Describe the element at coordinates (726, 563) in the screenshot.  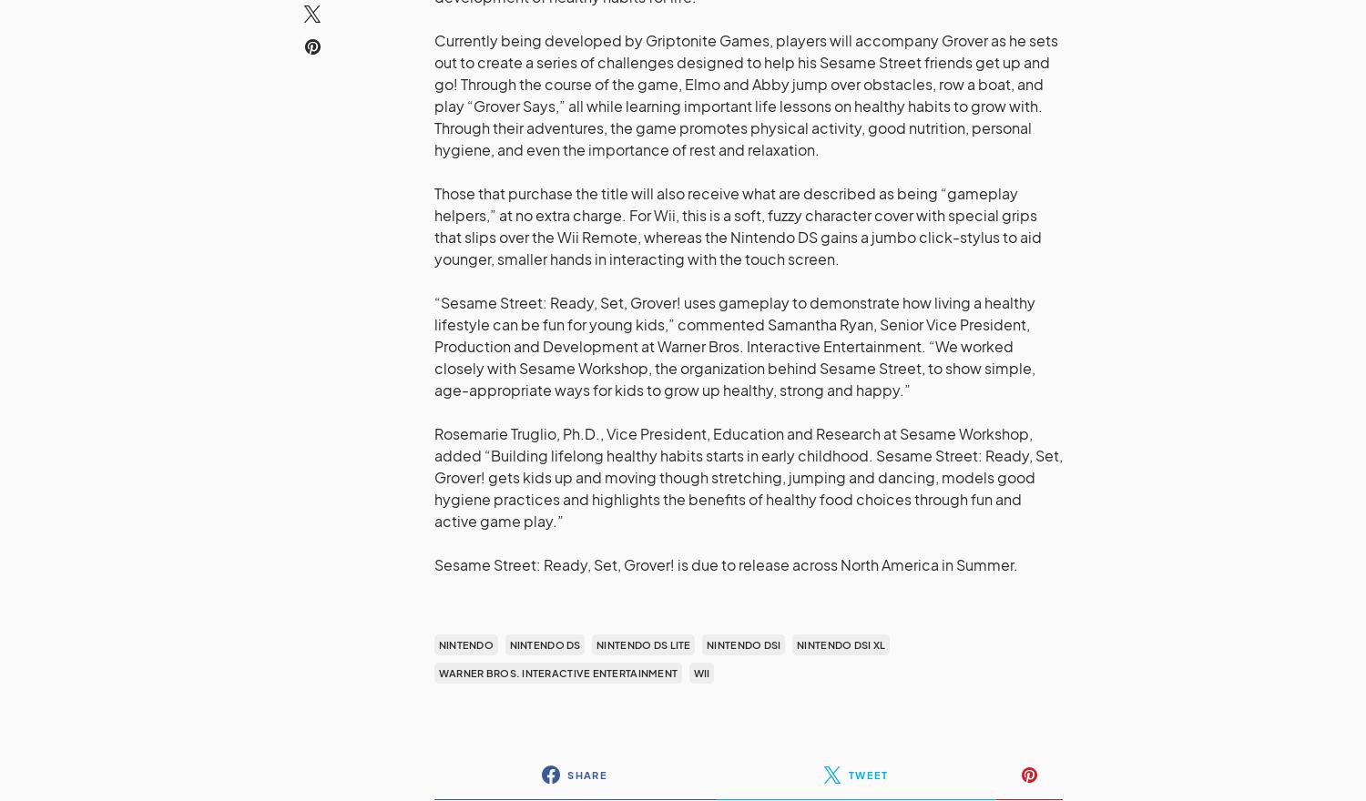
I see `'Sesame Street: Ready, Set, Grover! is due to release across North America in Summer.'` at that location.